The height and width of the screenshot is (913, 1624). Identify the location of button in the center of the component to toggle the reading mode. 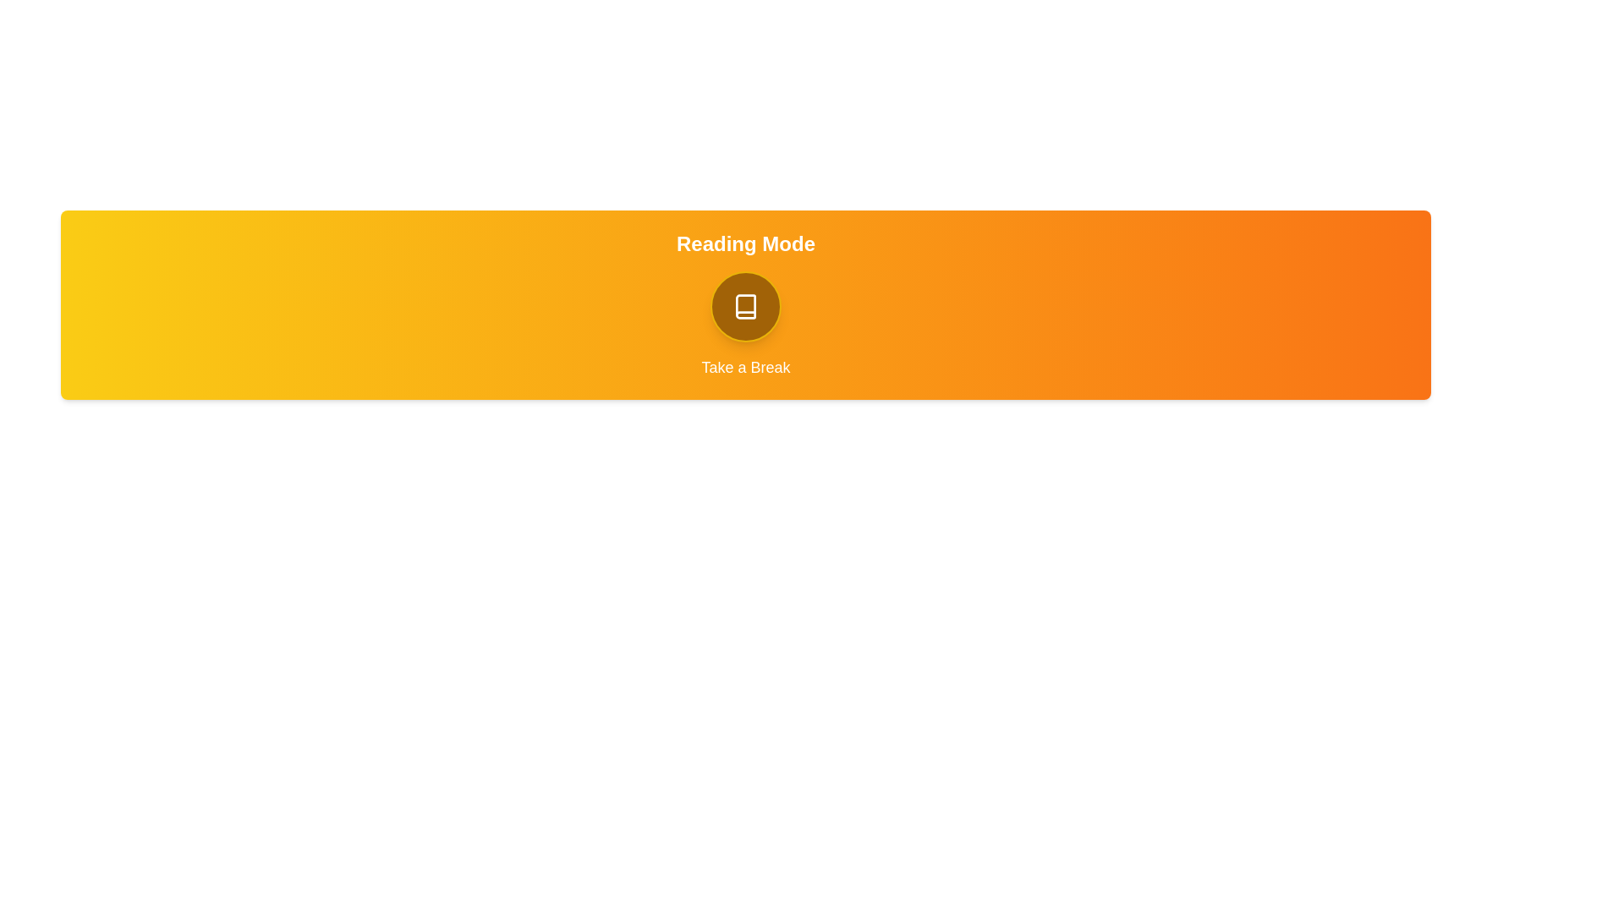
(745, 306).